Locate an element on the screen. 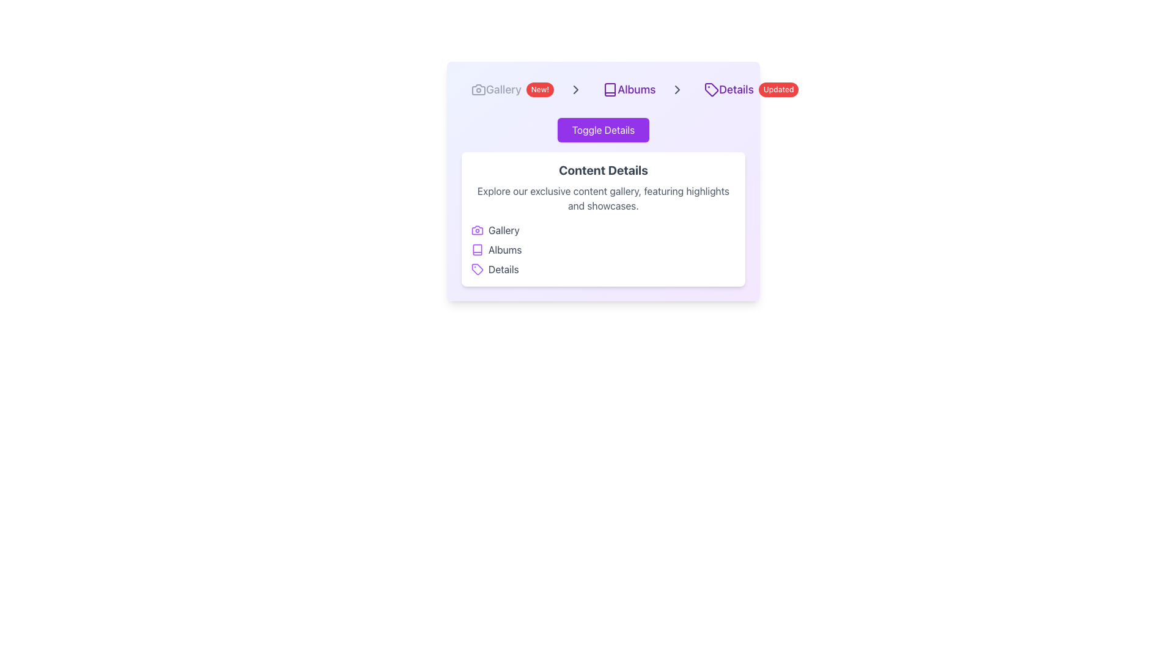 This screenshot has width=1174, height=660. the 'New!' label, which is a small red pill-shaped element displaying bright white text, located immediately to the right of the 'Gallery' text in the navigation header is located at coordinates (539, 89).